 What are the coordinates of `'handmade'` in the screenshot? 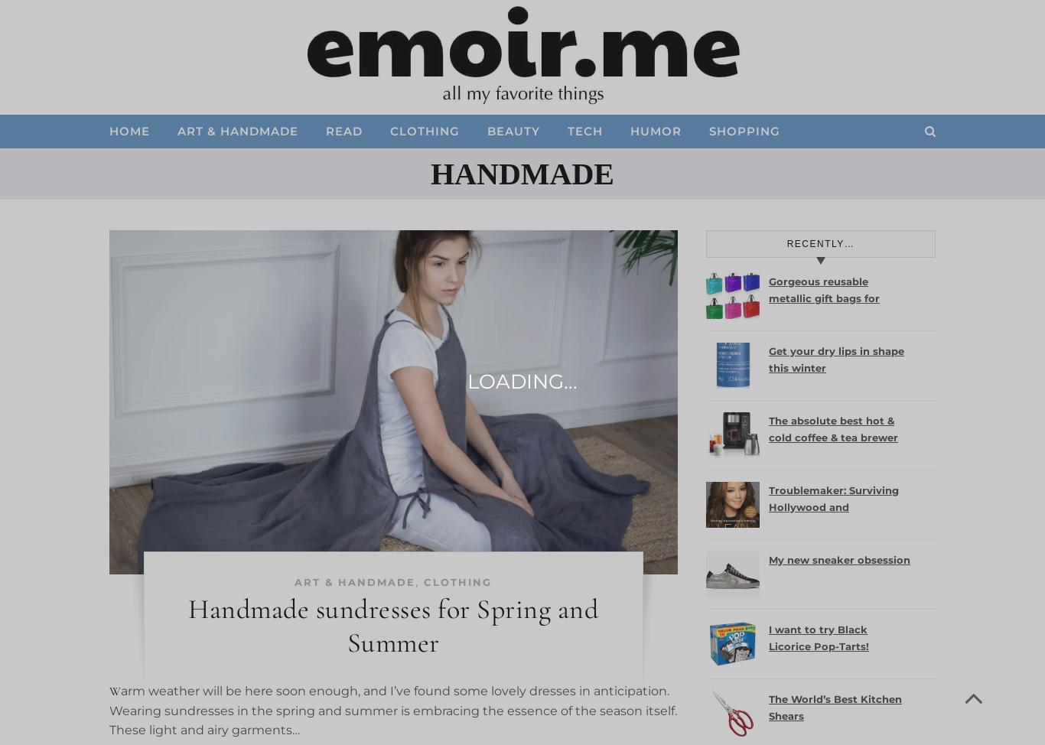 It's located at (521, 174).